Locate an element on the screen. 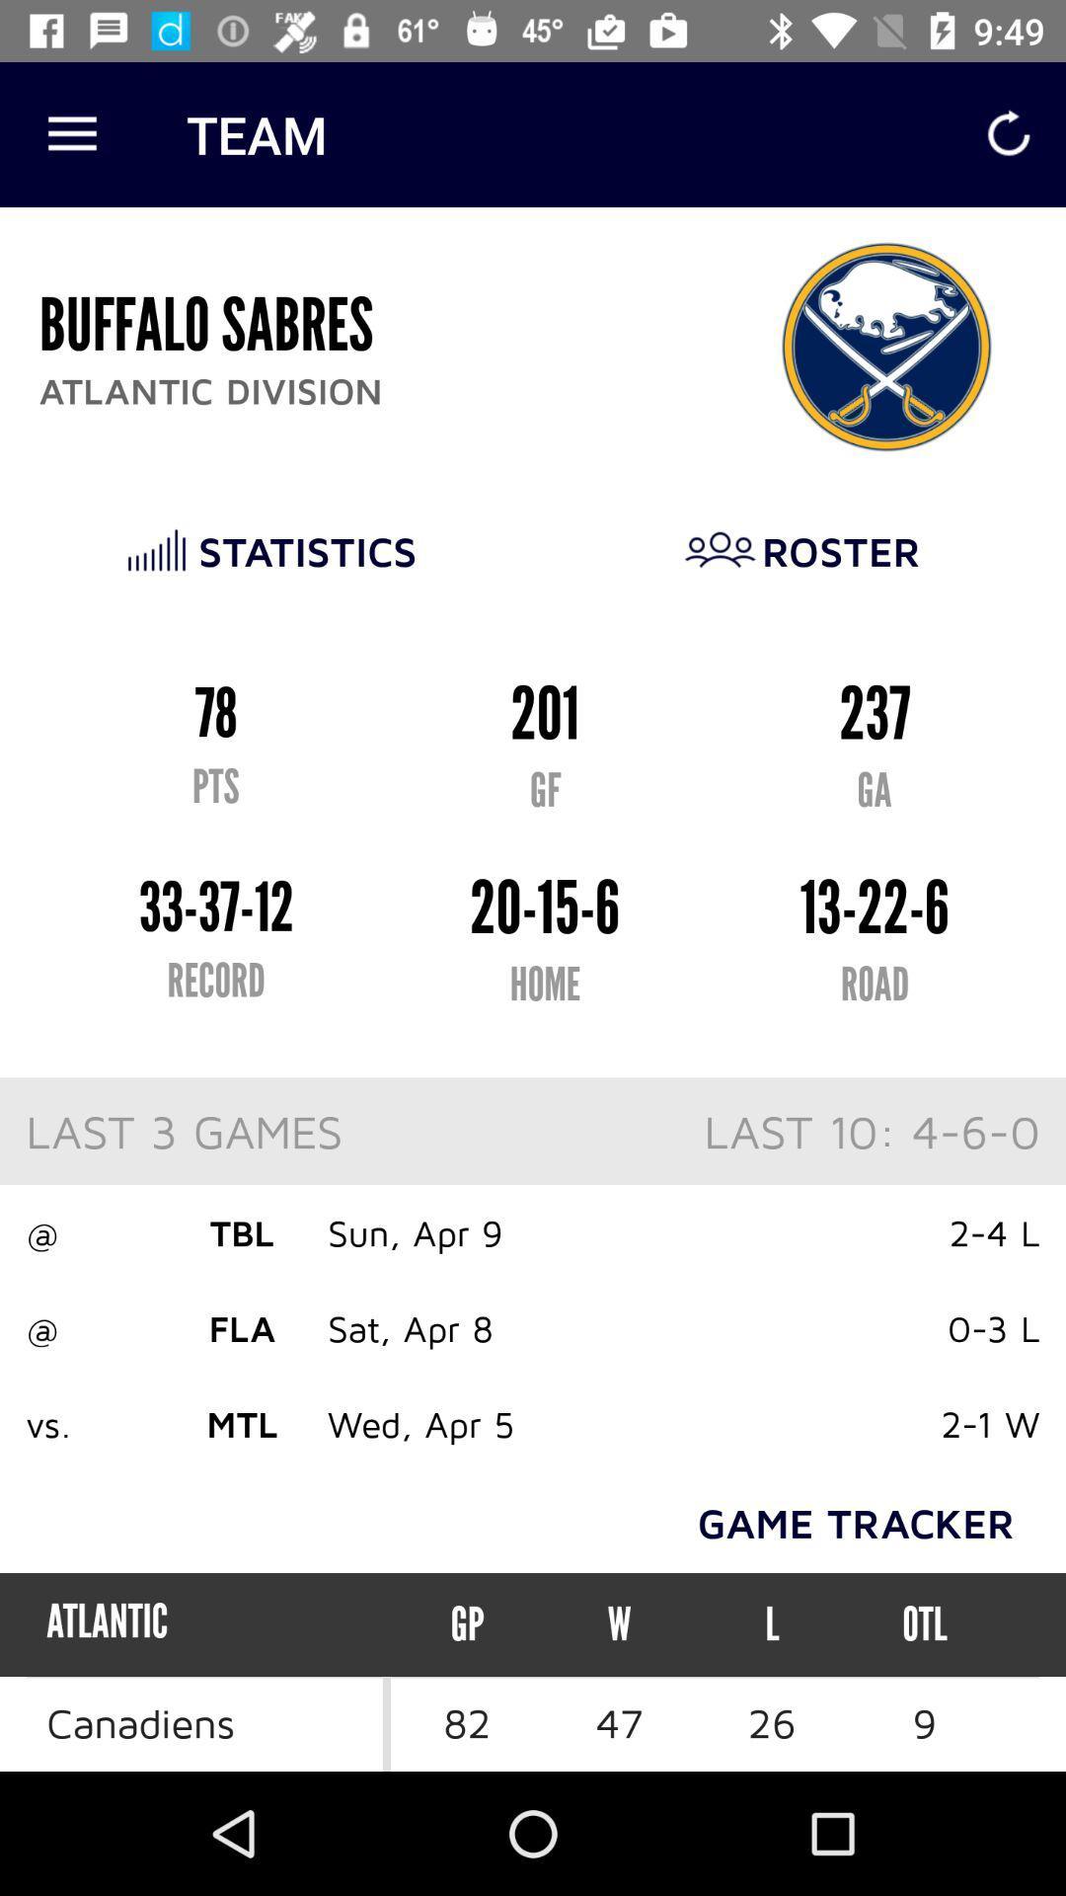 The image size is (1066, 1896). the otl icon is located at coordinates (924, 1624).